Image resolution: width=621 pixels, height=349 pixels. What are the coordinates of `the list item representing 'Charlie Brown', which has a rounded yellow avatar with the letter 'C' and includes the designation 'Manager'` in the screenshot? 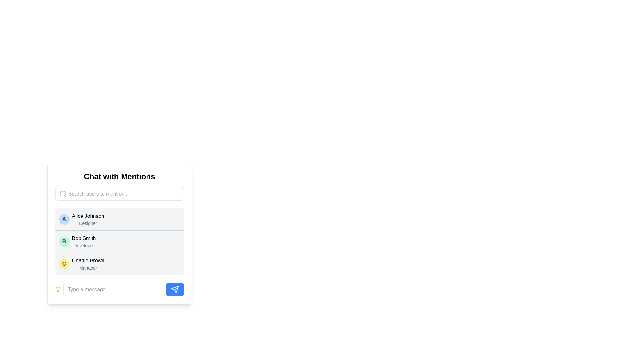 It's located at (119, 264).